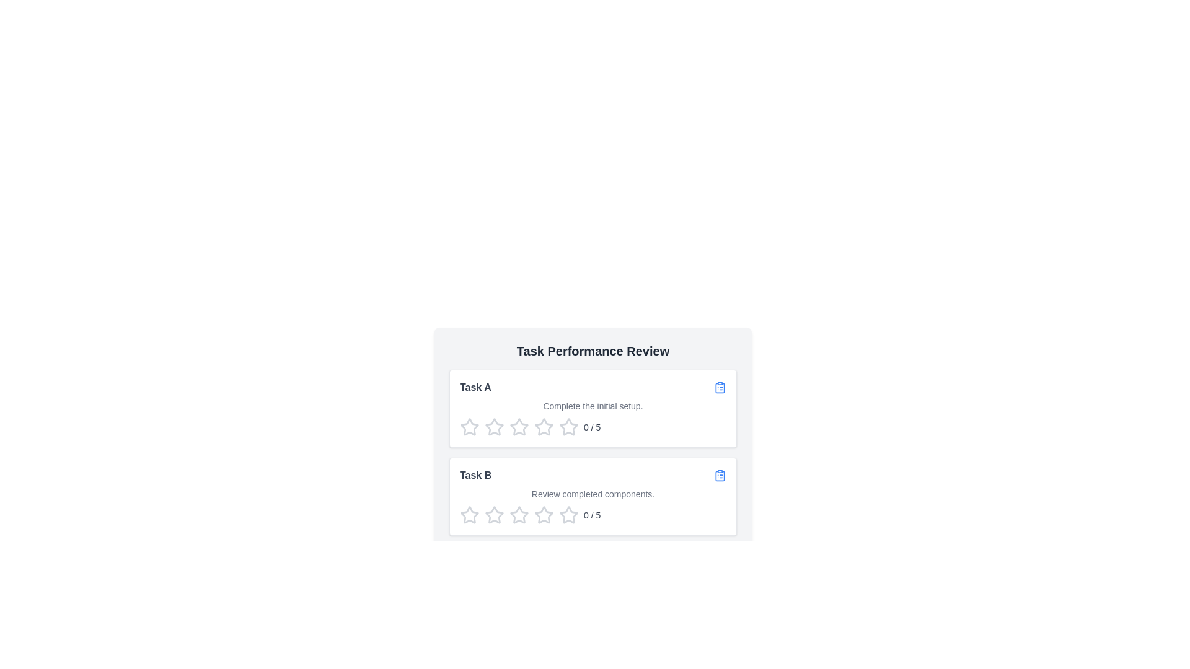 The width and height of the screenshot is (1190, 669). What do you see at coordinates (519, 515) in the screenshot?
I see `the second star-shaped icon` at bounding box center [519, 515].